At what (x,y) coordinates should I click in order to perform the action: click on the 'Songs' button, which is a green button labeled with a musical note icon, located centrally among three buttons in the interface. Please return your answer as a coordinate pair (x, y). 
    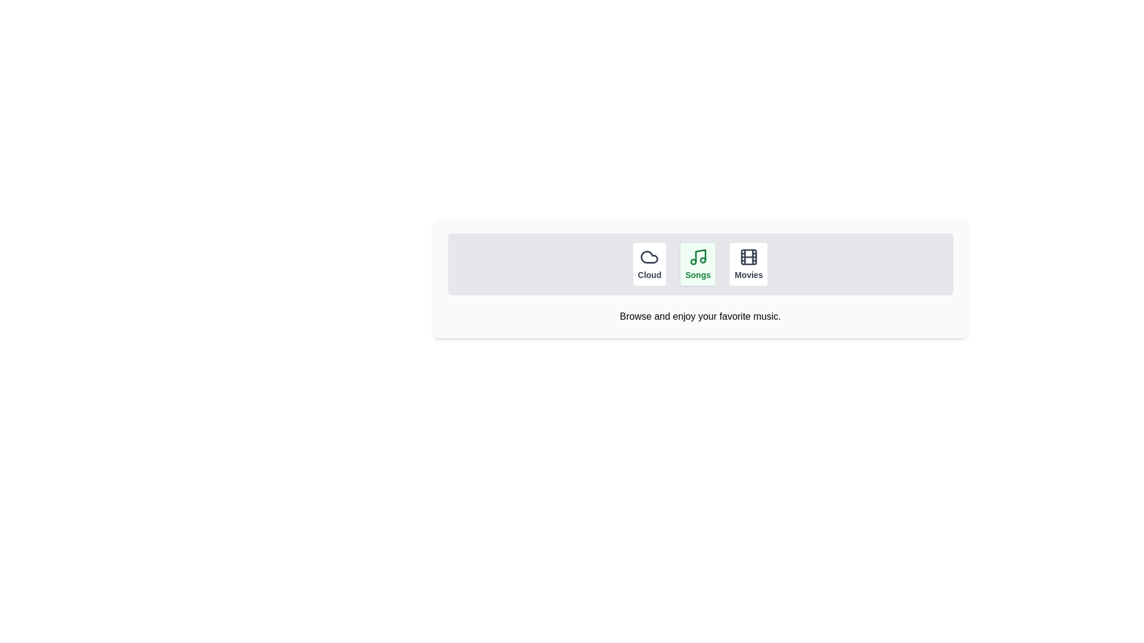
    Looking at the image, I should click on (698, 263).